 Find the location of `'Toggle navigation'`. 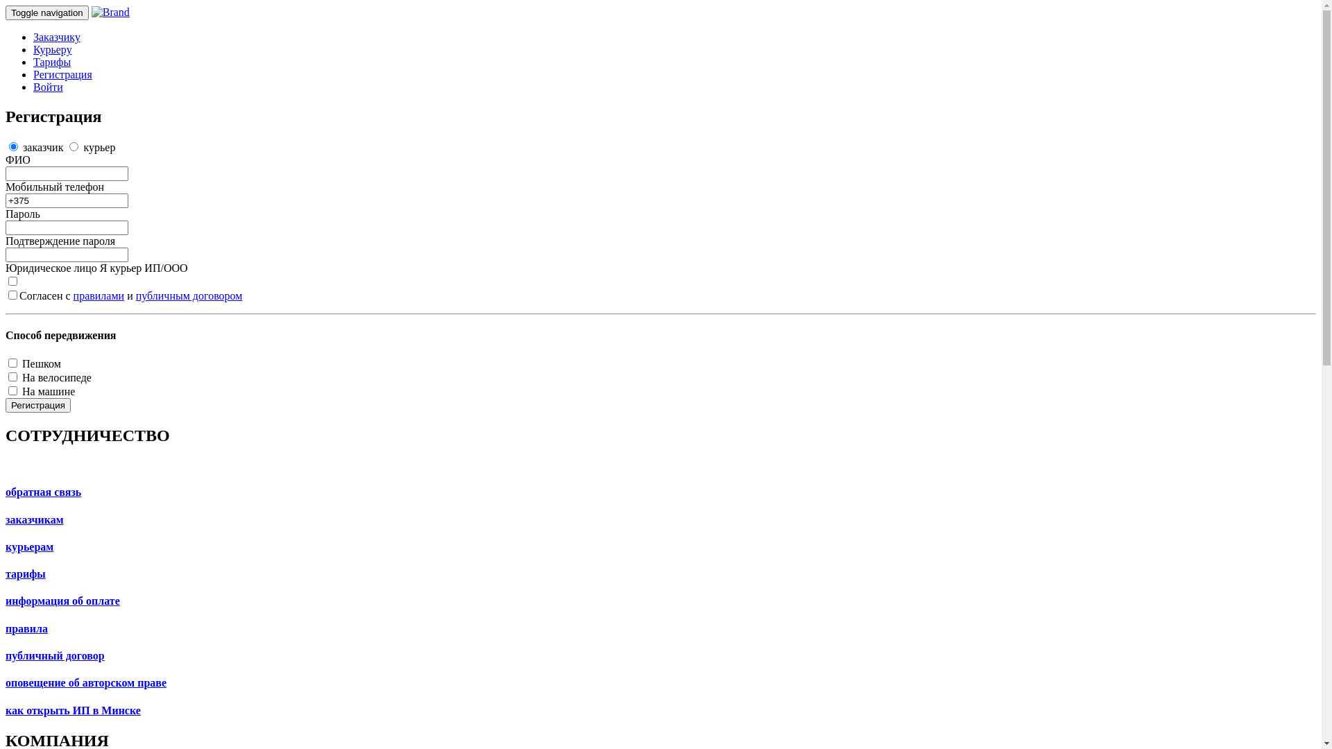

'Toggle navigation' is located at coordinates (46, 12).